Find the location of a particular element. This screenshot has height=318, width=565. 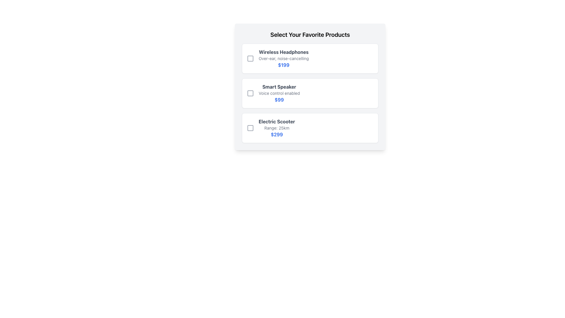

the inner square of the checkbox indicating the selection status for the 'Electric Scooter' product option, which is the third product option from the top is located at coordinates (250, 128).